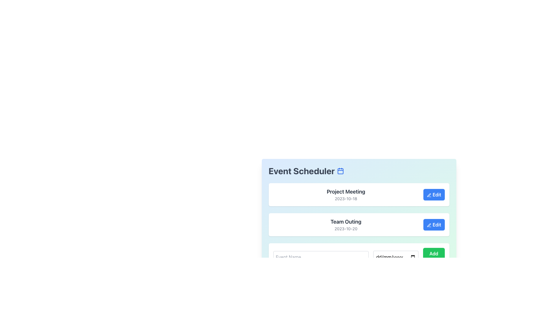  Describe the element at coordinates (341, 170) in the screenshot. I see `the calendar icon with a blue outline located to the right of the 'Event Scheduler' title` at that location.